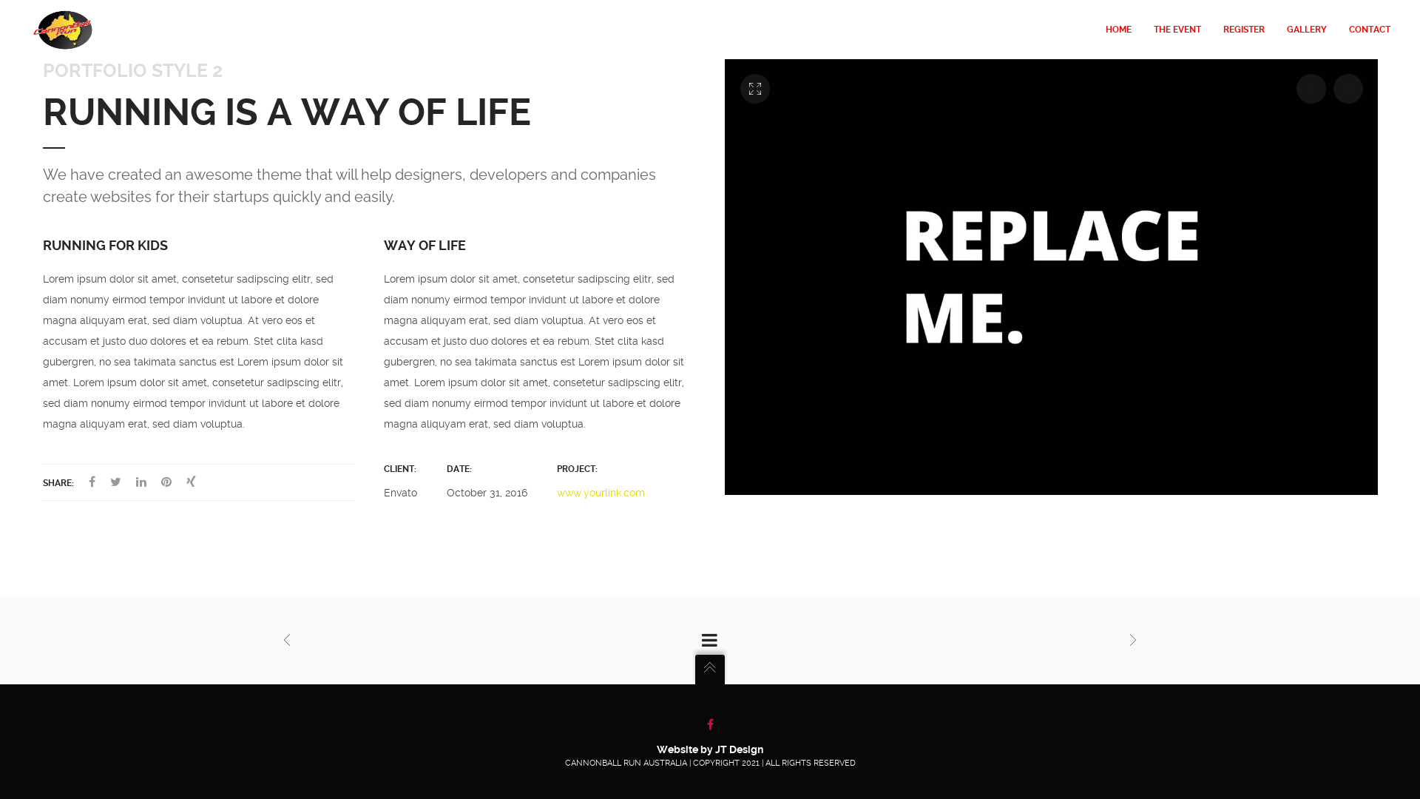 Image resolution: width=1420 pixels, height=799 pixels. Describe the element at coordinates (1242, 29) in the screenshot. I see `'REGISTER'` at that location.